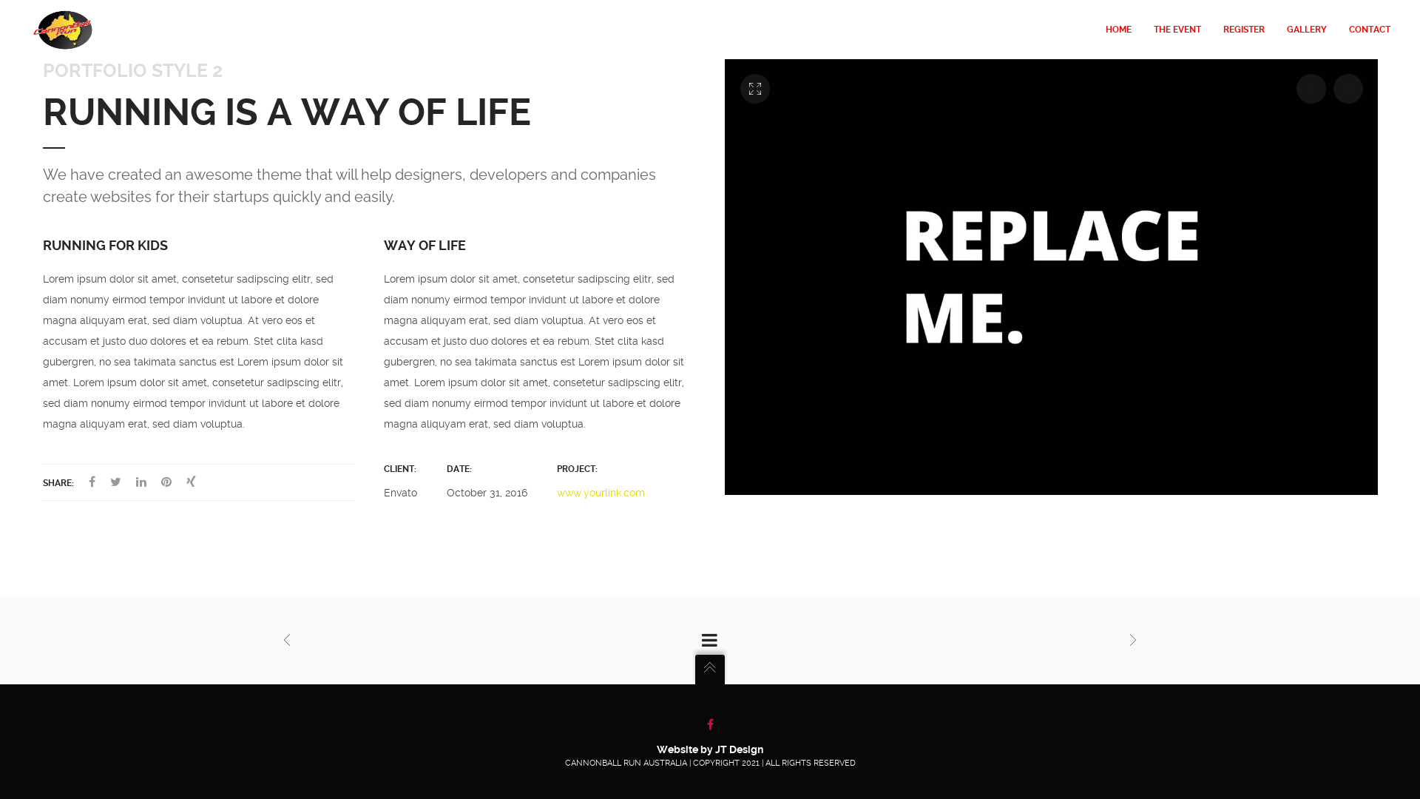 Image resolution: width=1420 pixels, height=799 pixels. Describe the element at coordinates (1242, 29) in the screenshot. I see `'REGISTER'` at that location.